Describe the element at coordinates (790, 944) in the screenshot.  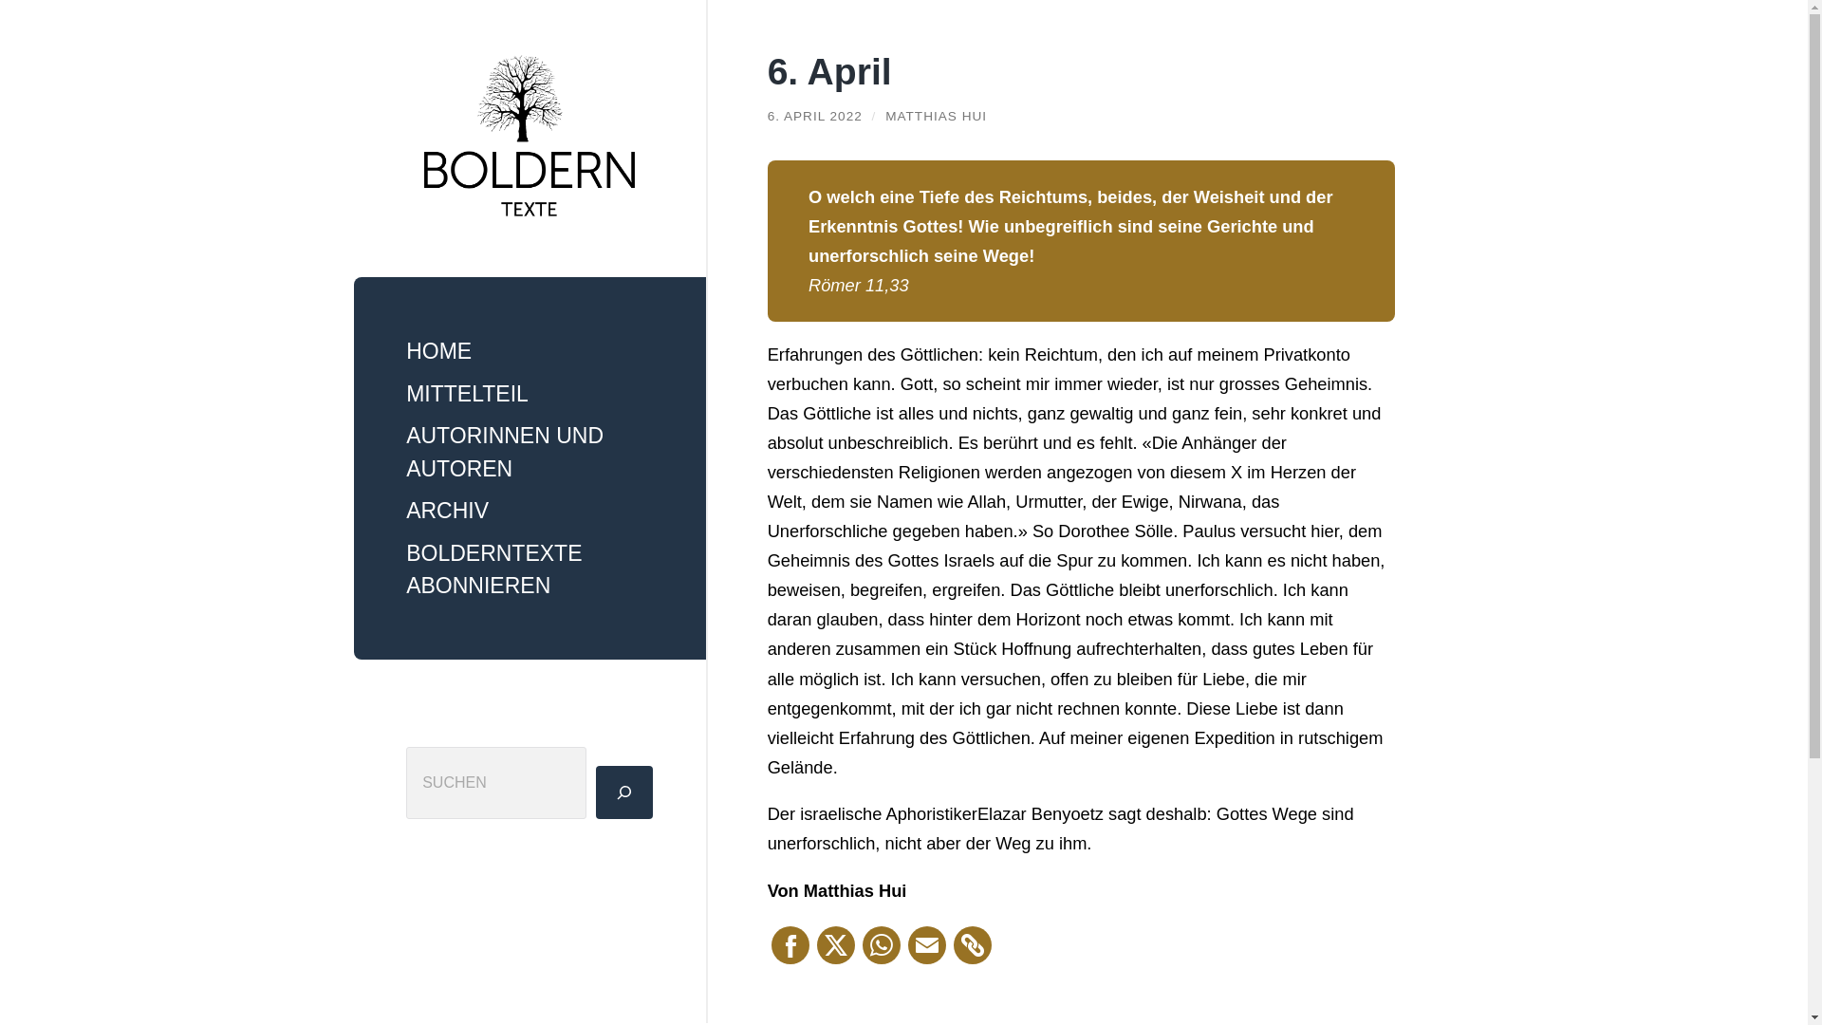
I see `'Facebook'` at that location.